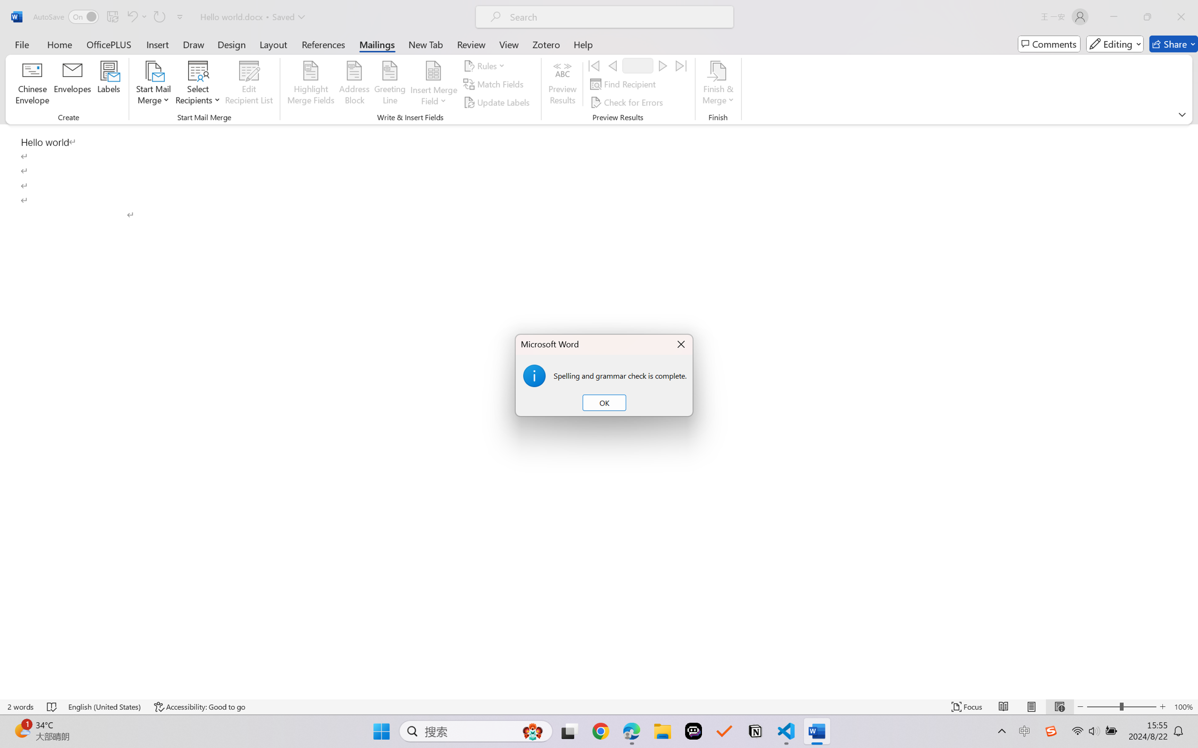  I want to click on 'Envelopes...', so click(73, 84).